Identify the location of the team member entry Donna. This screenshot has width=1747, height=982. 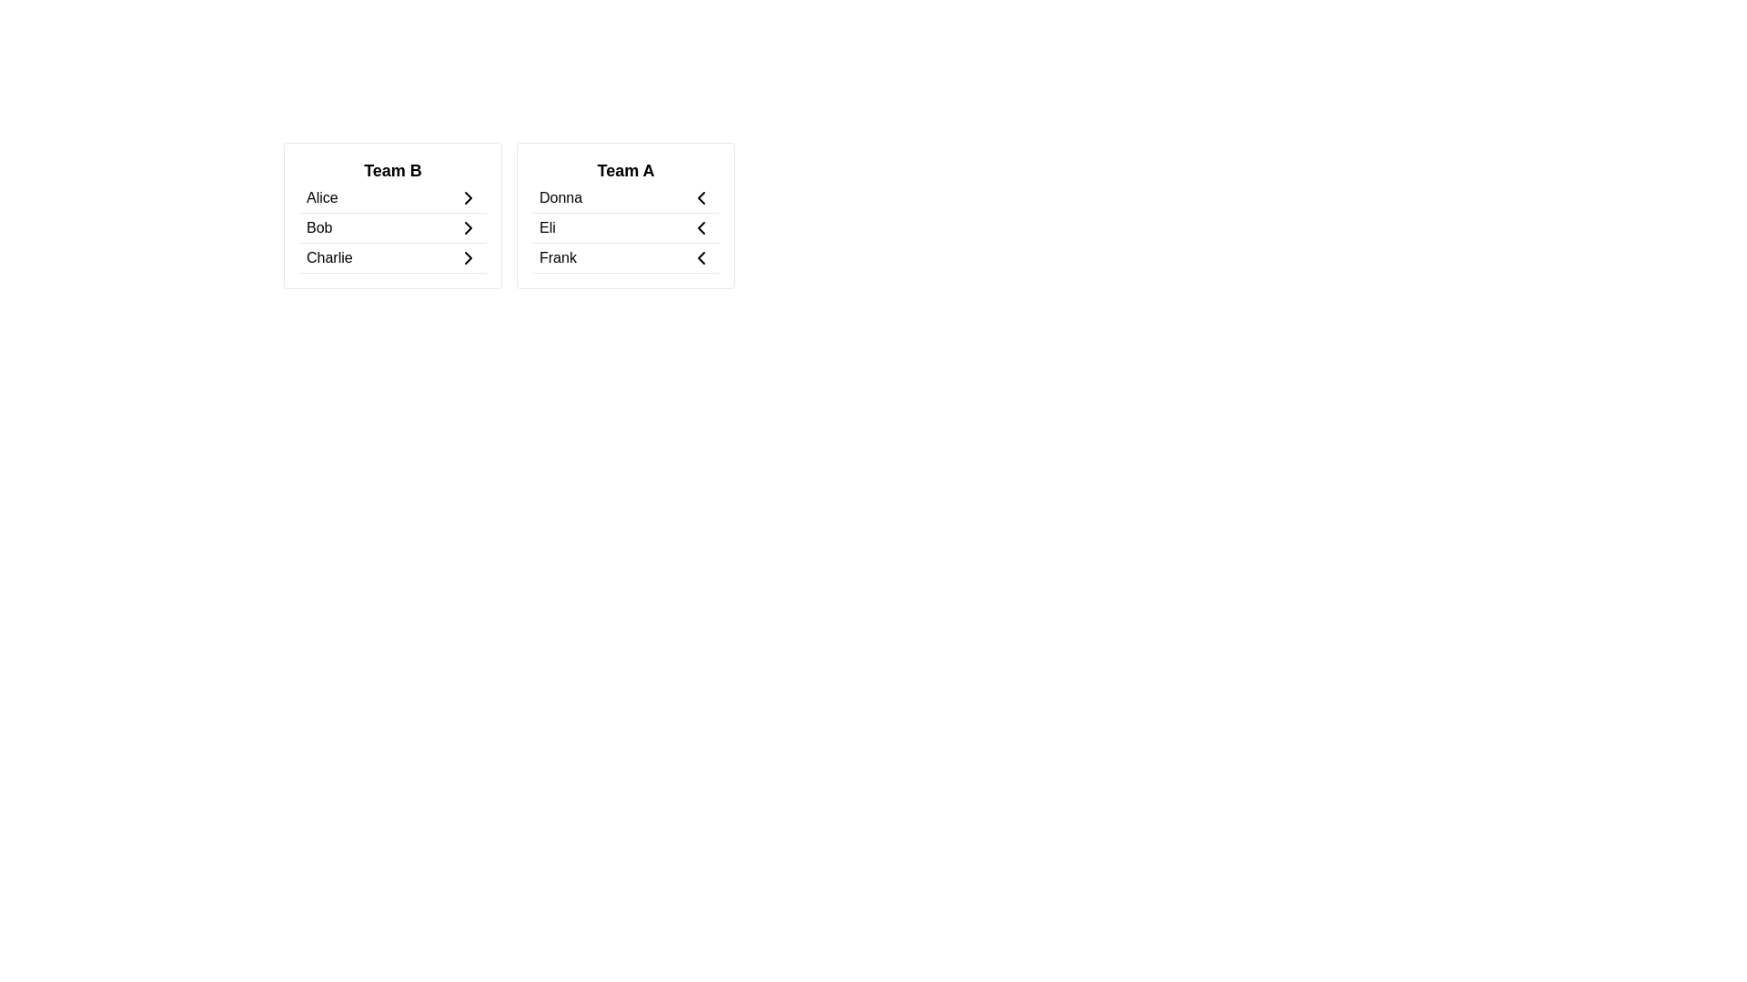
(625, 198).